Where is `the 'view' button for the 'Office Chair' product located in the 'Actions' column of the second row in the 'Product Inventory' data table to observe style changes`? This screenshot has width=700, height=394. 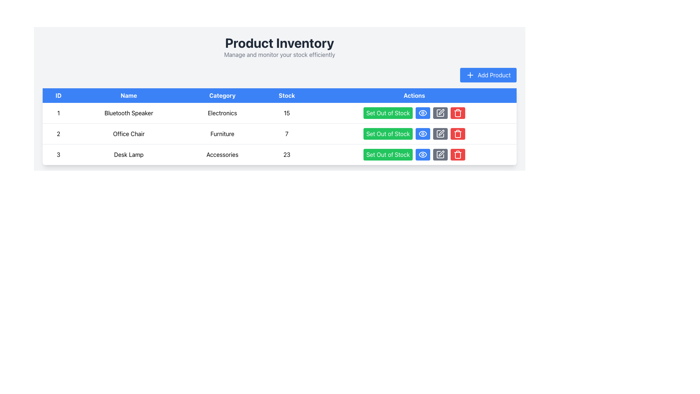 the 'view' button for the 'Office Chair' product located in the 'Actions' column of the second row in the 'Product Inventory' data table to observe style changes is located at coordinates (423, 134).